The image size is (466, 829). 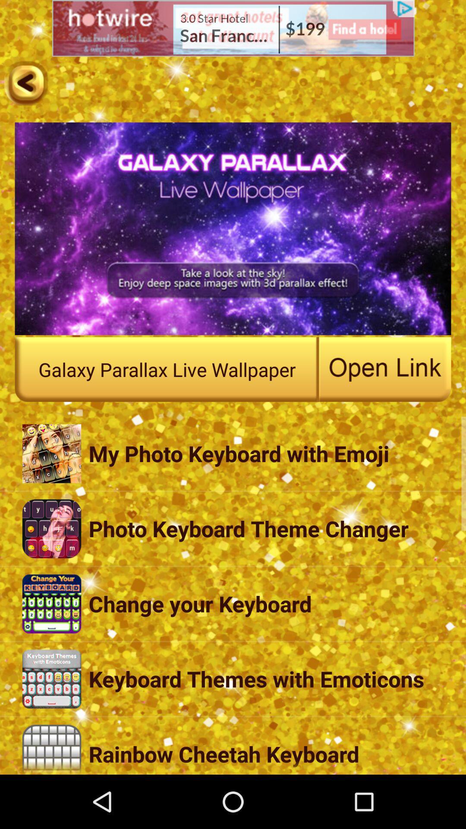 What do you see at coordinates (25, 83) in the screenshot?
I see `photo editor app` at bounding box center [25, 83].